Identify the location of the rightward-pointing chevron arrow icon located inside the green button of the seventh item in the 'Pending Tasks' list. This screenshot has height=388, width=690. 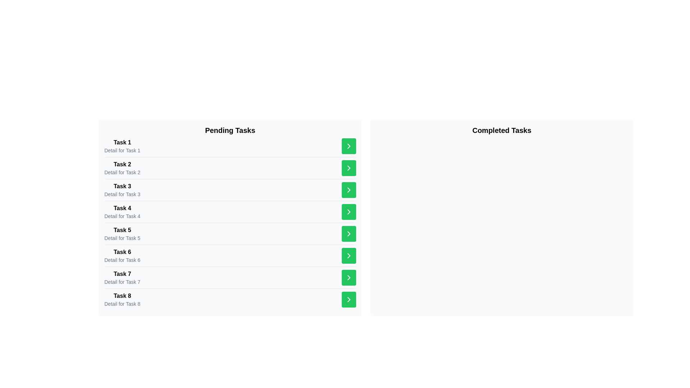
(349, 212).